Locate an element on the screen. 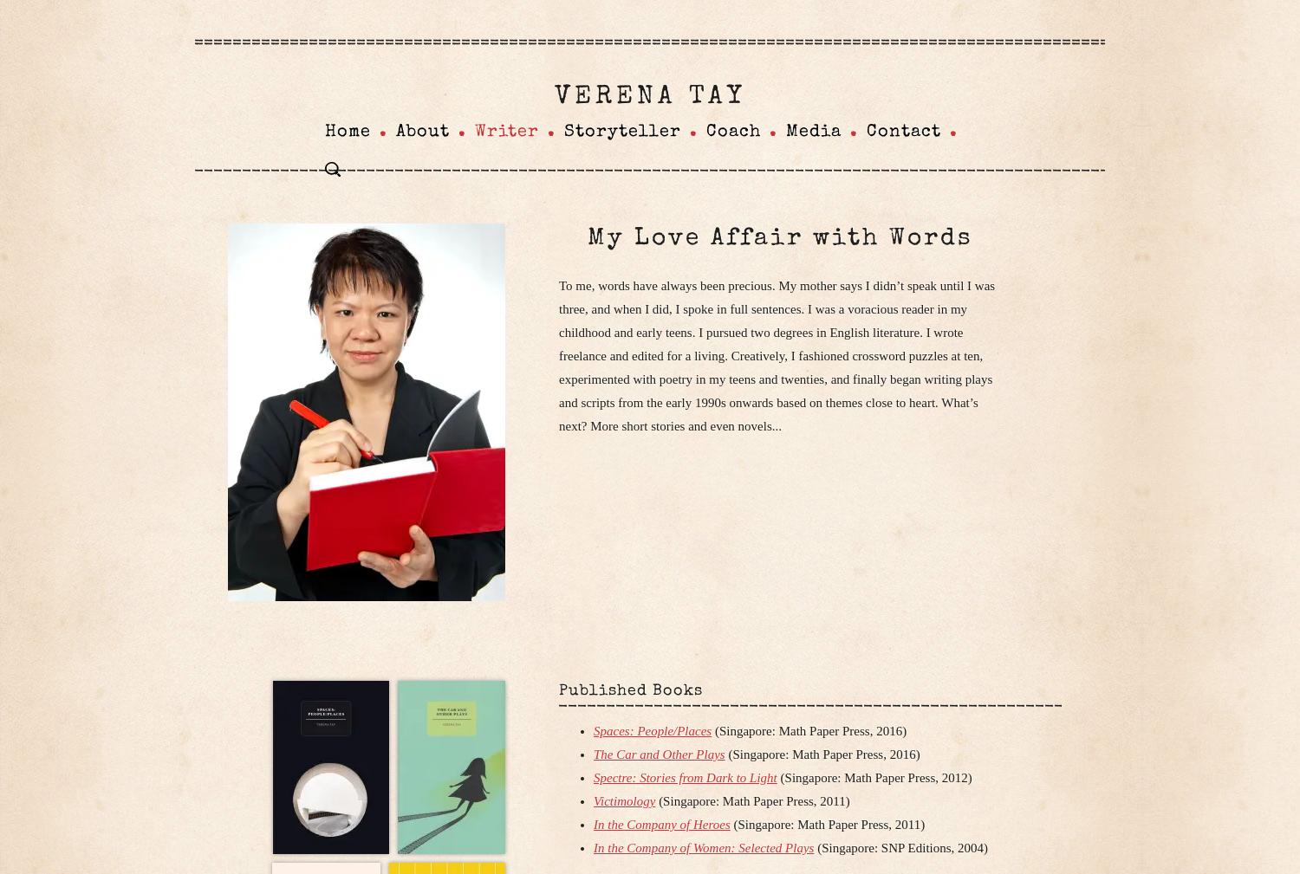 Image resolution: width=1300 pixels, height=874 pixels. '(Singapore: Math Paper Press, 2012)' is located at coordinates (874, 778).